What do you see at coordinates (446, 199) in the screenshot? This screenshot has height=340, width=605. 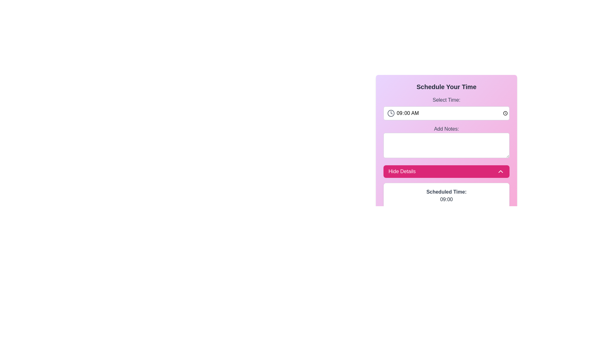 I see `text label displaying '09:00', which is styled with a medium-sized, gray-colored font and positioned under the 'Scheduled Time:' heading` at bounding box center [446, 199].